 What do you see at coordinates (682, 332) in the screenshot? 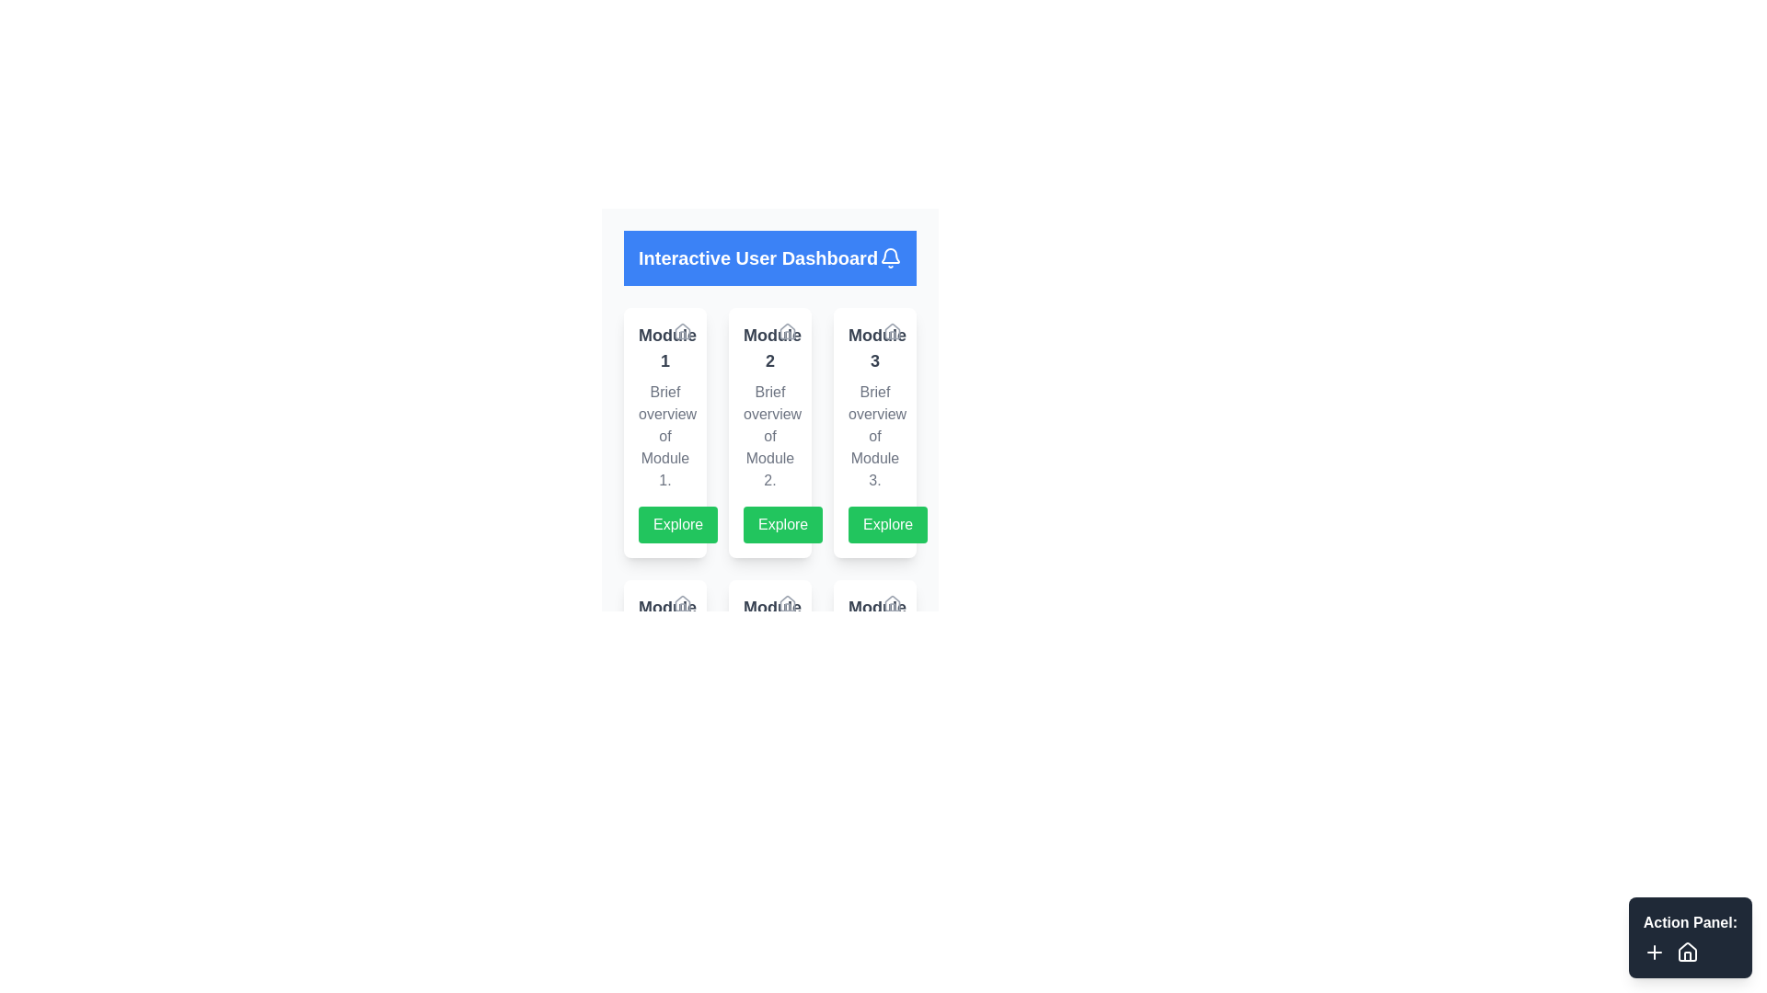
I see `the gray house icon located in the upper-right corner of the 'Module 1' card` at bounding box center [682, 332].